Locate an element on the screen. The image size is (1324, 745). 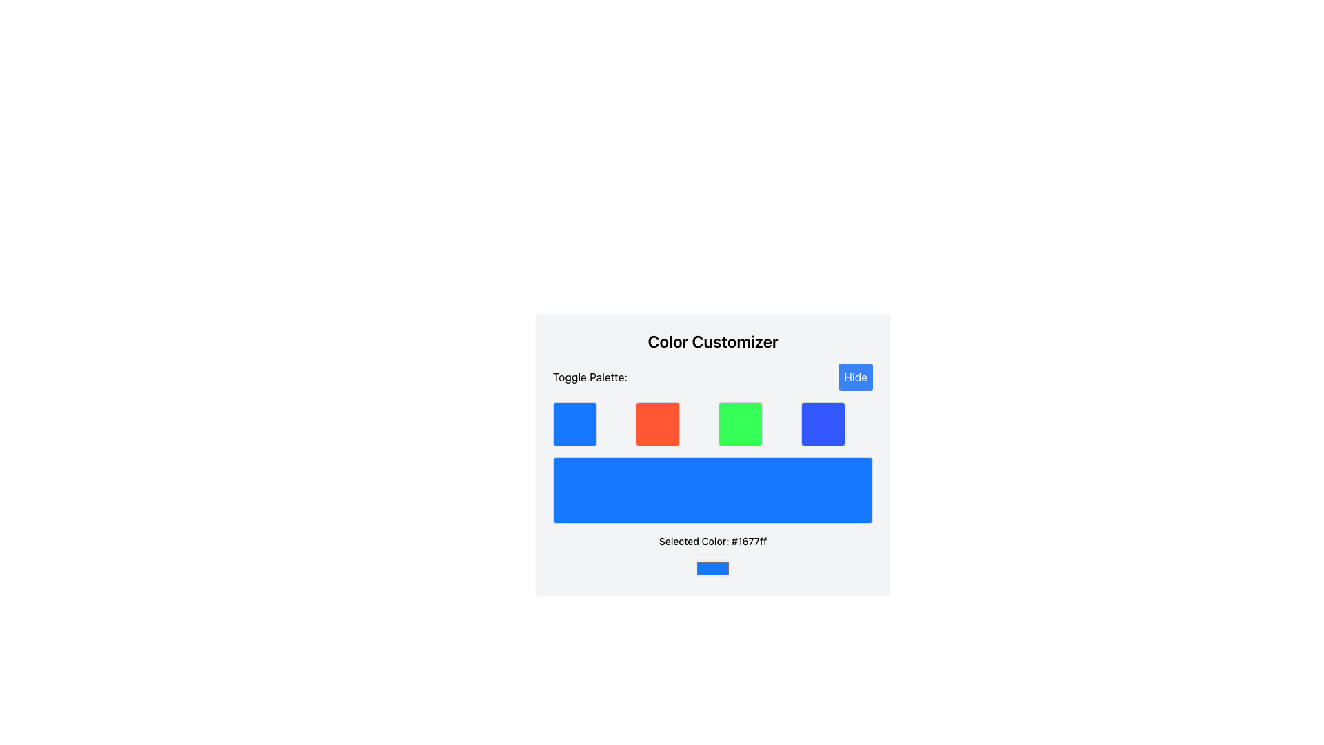
the compact rectangular blue color input field located at the bottom-right section of the 'Color Customizer' modal, below the text 'Selected Color: #1677ff' is located at coordinates (712, 568).